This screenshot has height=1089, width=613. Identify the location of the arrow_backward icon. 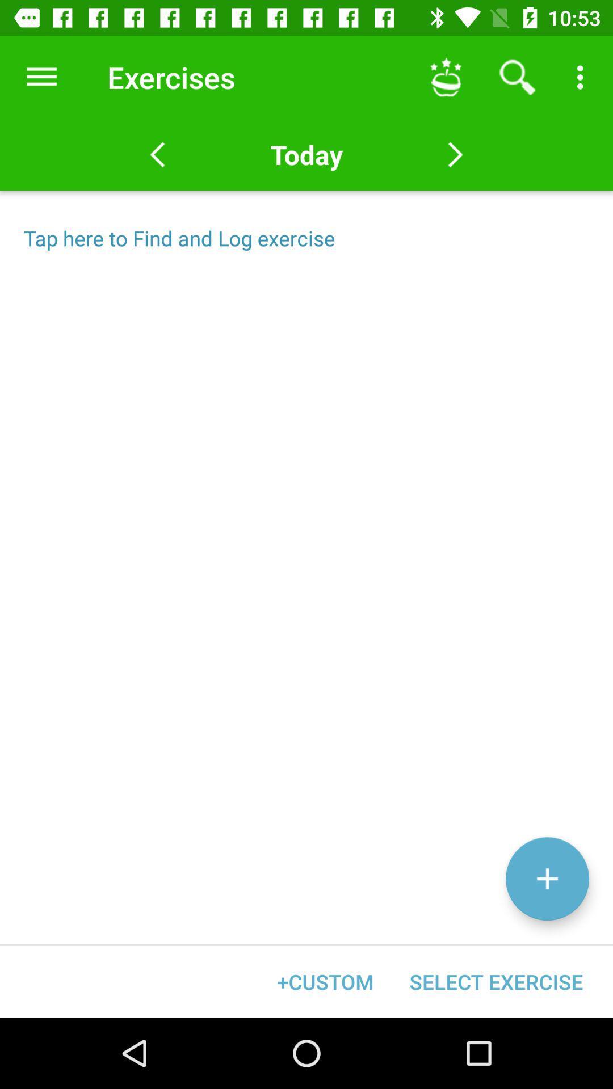
(157, 154).